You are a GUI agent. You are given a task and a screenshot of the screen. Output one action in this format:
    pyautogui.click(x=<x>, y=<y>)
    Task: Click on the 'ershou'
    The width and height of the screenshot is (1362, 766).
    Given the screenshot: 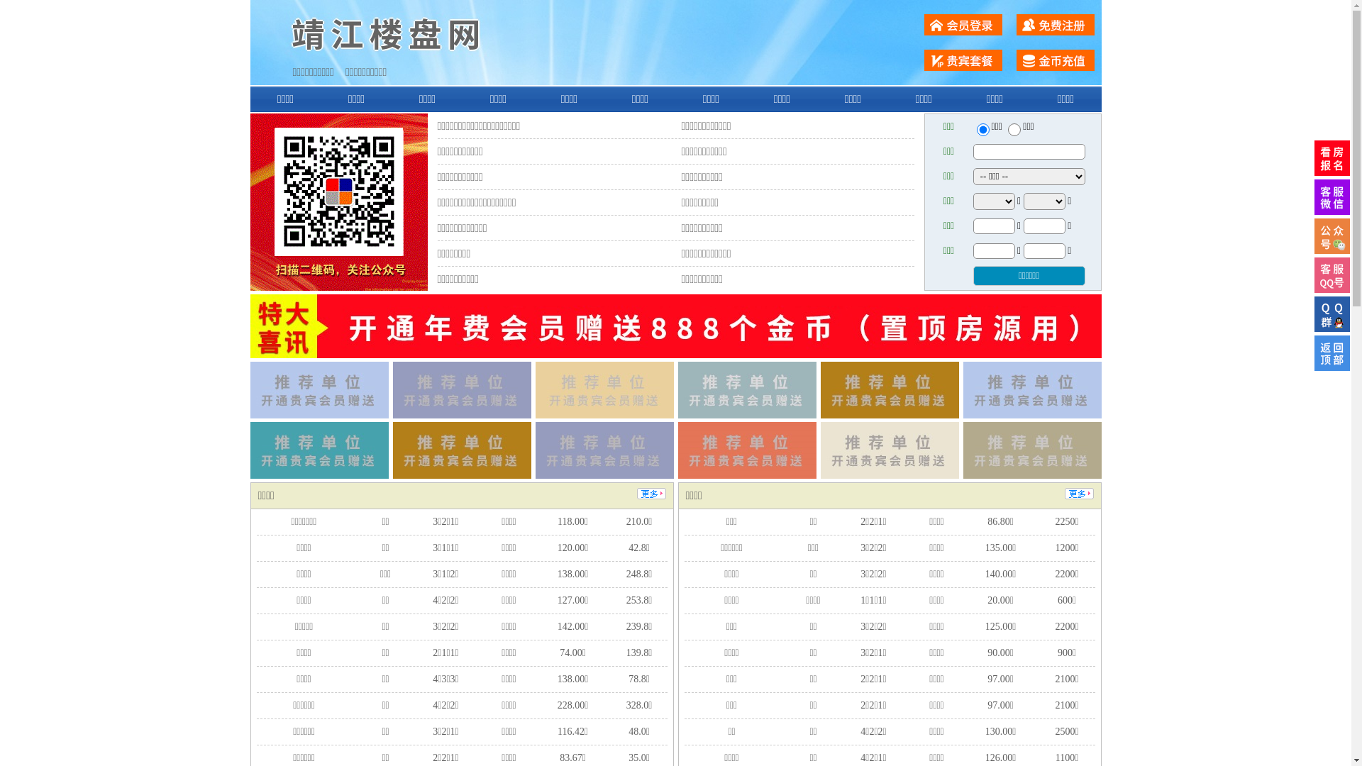 What is the action you would take?
    pyautogui.click(x=975, y=129)
    